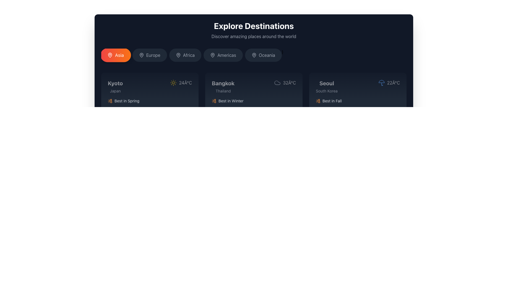 The image size is (531, 298). Describe the element at coordinates (126, 101) in the screenshot. I see `text label indicating the best season to visit Kyoto, which states 'Spring' and is located within the first panel of the grid layout for destinations` at that location.